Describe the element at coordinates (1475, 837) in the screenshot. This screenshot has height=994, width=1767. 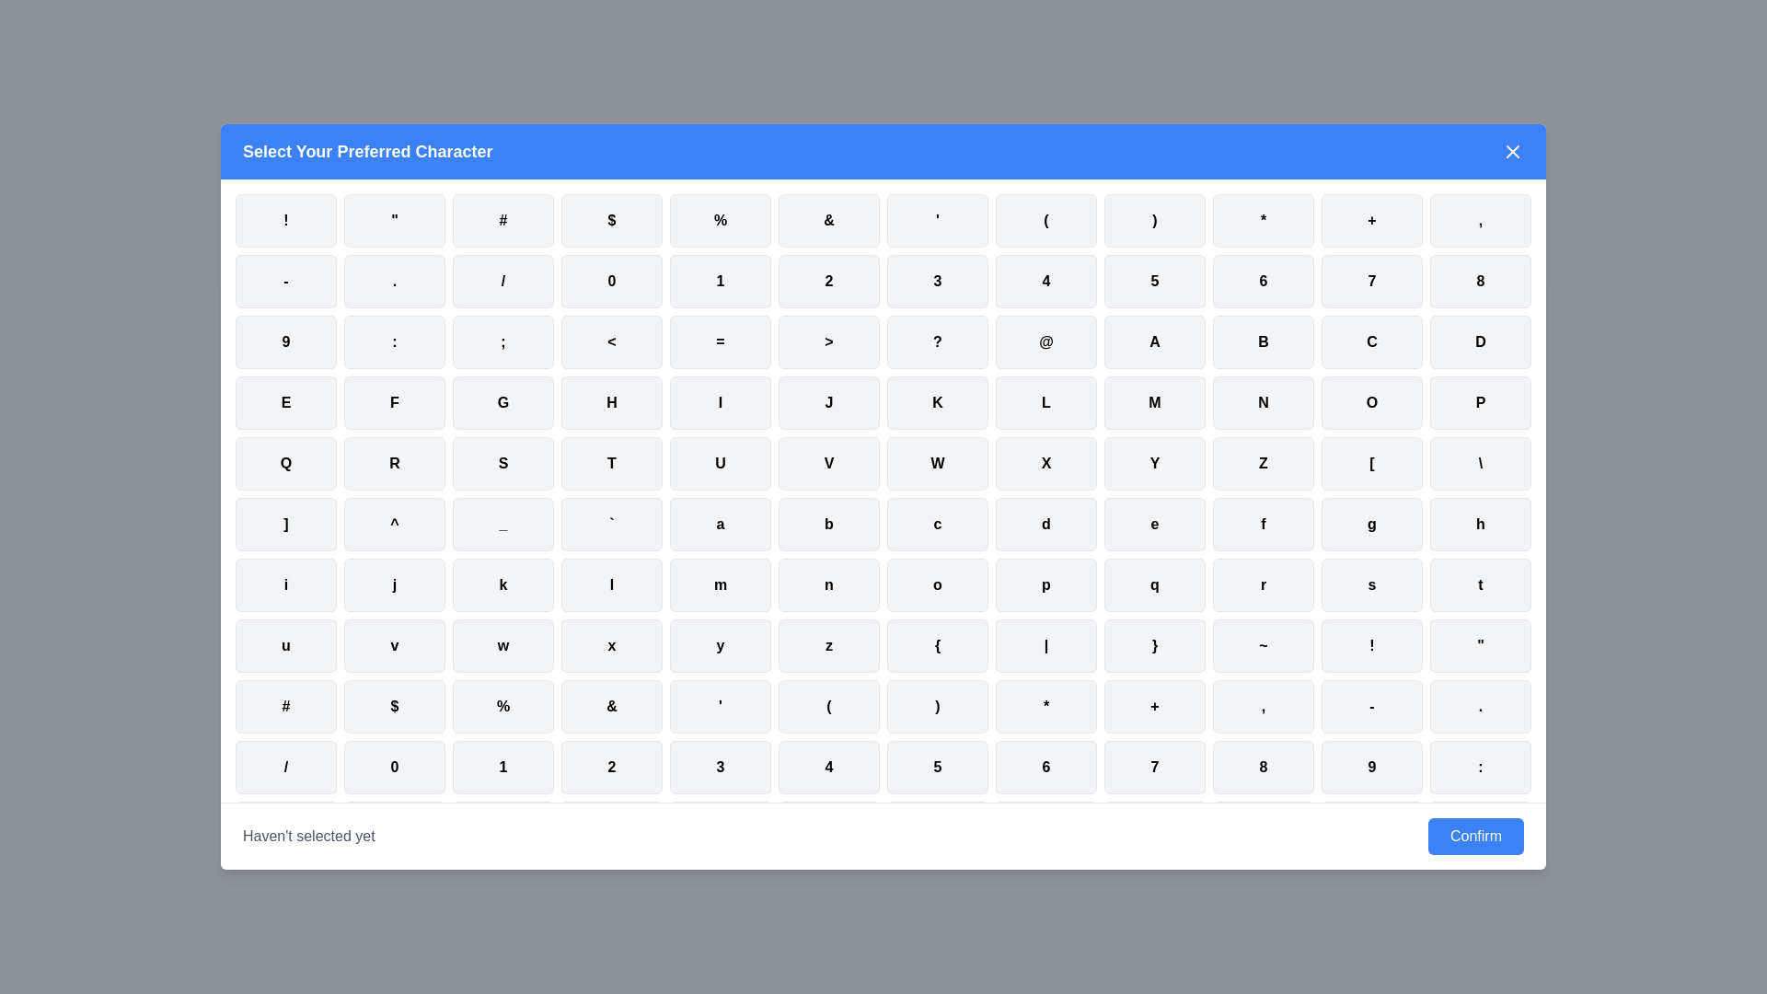
I see `the 'Confirm' button to confirm the selection` at that location.